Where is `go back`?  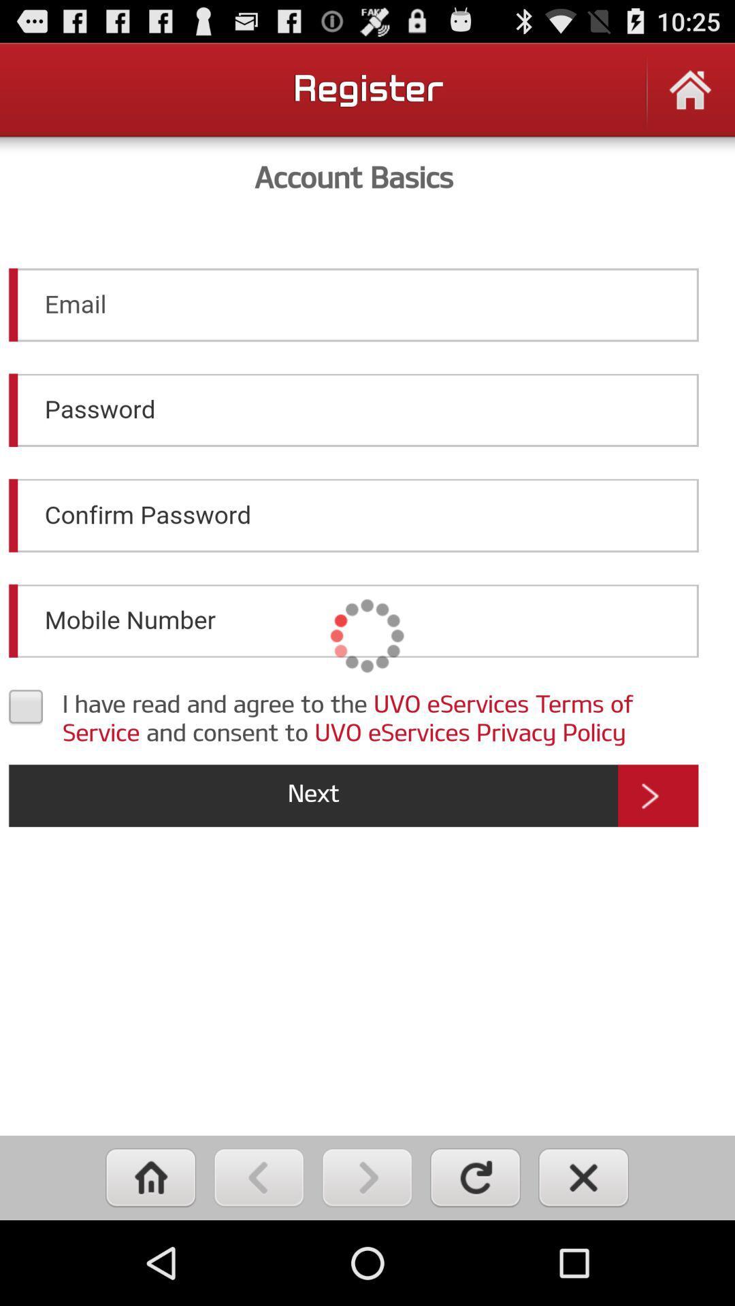 go back is located at coordinates (259, 1177).